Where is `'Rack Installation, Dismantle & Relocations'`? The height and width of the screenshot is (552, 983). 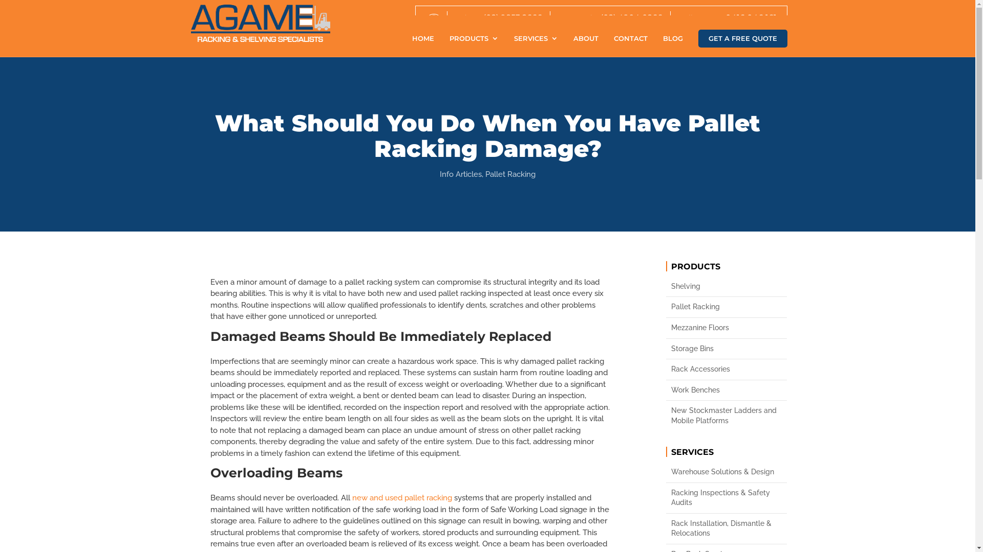
'Rack Installation, Dismantle & Relocations' is located at coordinates (726, 528).